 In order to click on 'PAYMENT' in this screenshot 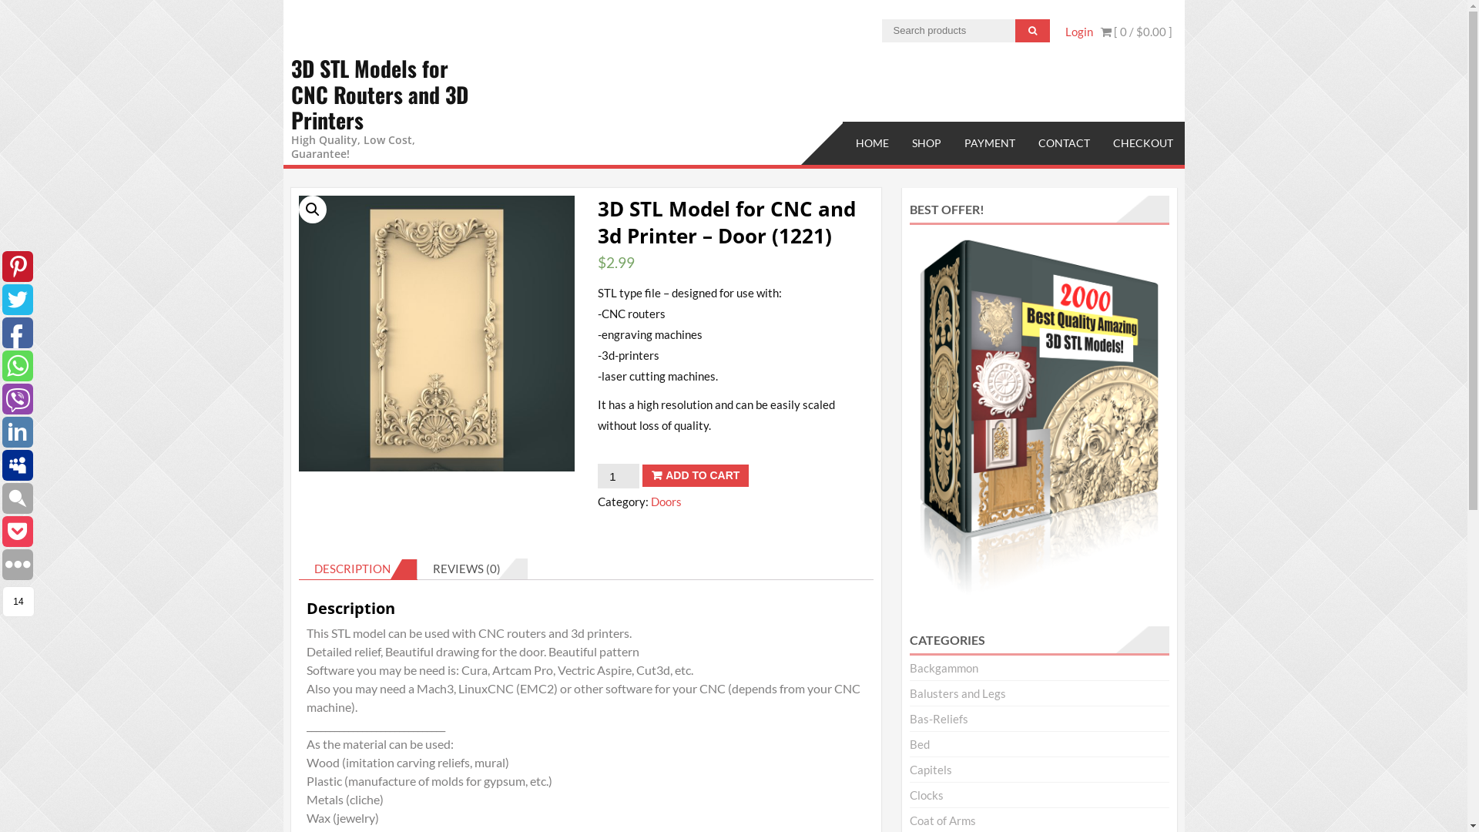, I will do `click(951, 143)`.